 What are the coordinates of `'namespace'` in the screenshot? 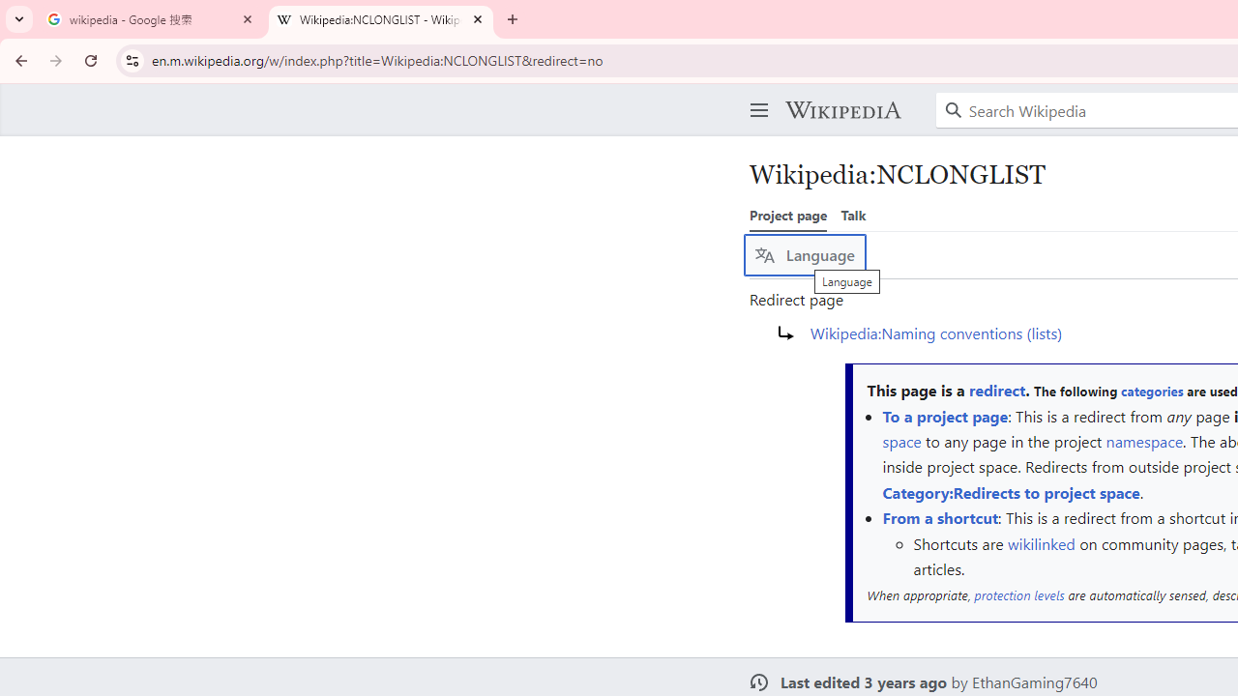 It's located at (1144, 441).